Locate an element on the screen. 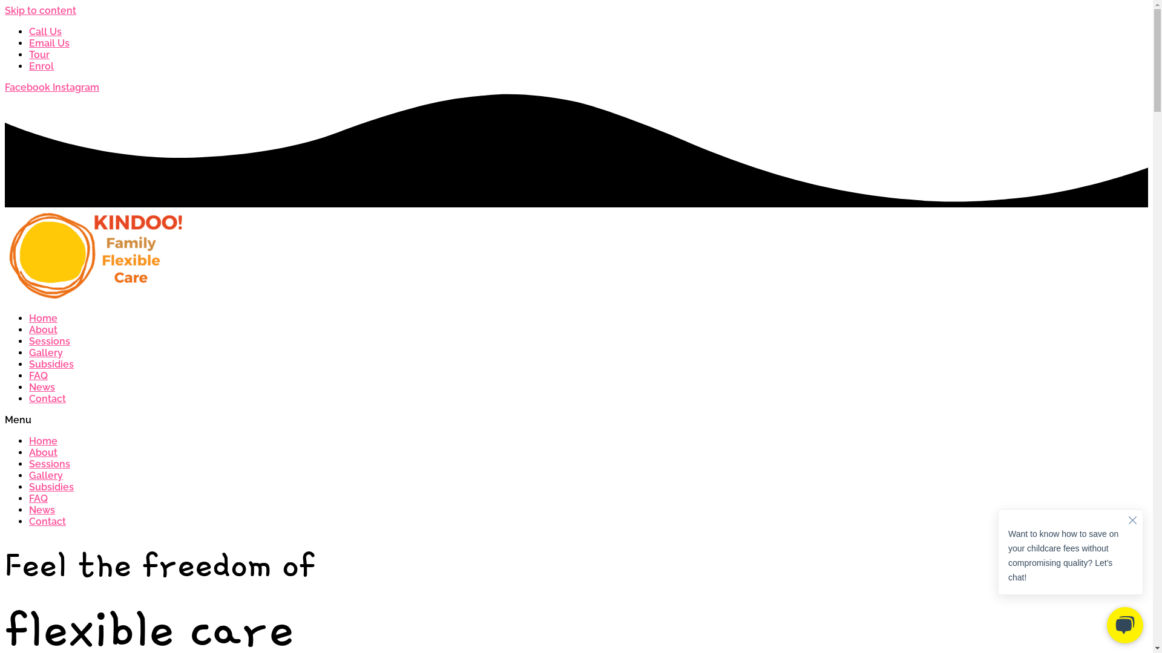  'Contact' is located at coordinates (29, 398).